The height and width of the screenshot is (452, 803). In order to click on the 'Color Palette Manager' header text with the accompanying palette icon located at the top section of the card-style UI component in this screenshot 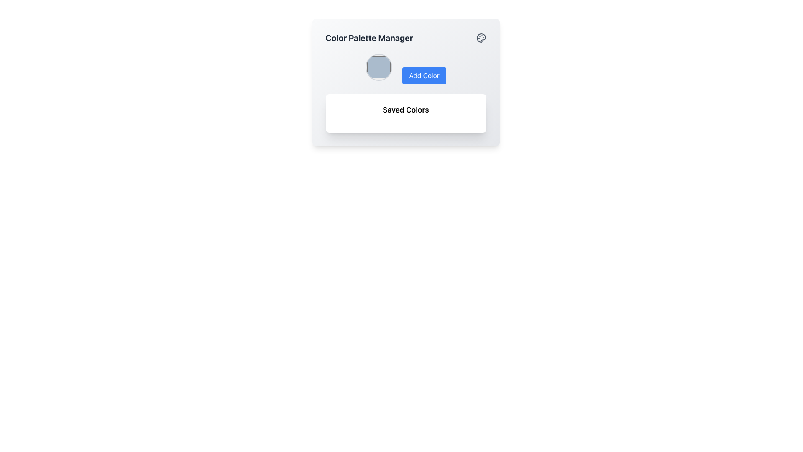, I will do `click(406, 38)`.